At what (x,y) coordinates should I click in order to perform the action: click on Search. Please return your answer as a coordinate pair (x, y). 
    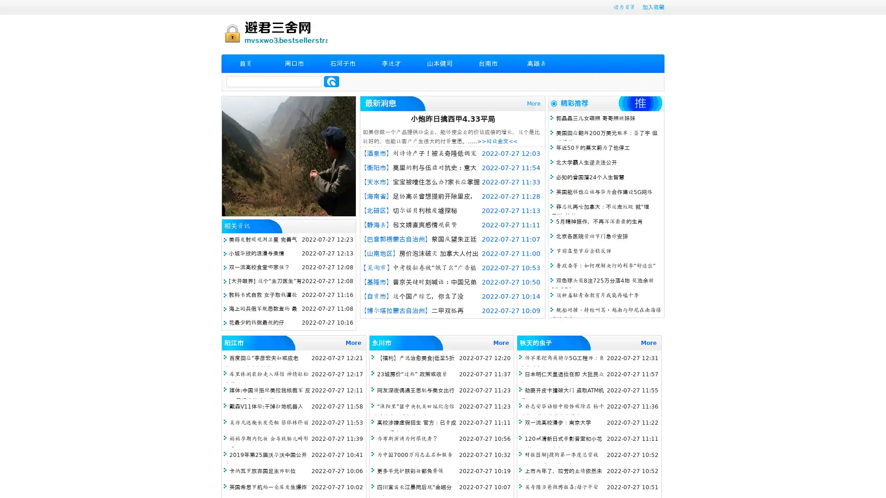
    Looking at the image, I should click on (331, 81).